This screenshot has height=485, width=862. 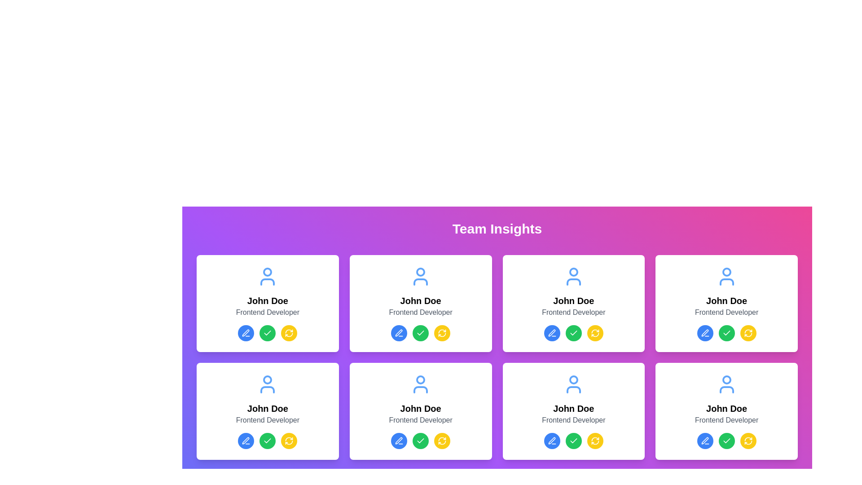 I want to click on the pen-shaped icon button located in the bottom-left corner of the user information card, so click(x=704, y=440).